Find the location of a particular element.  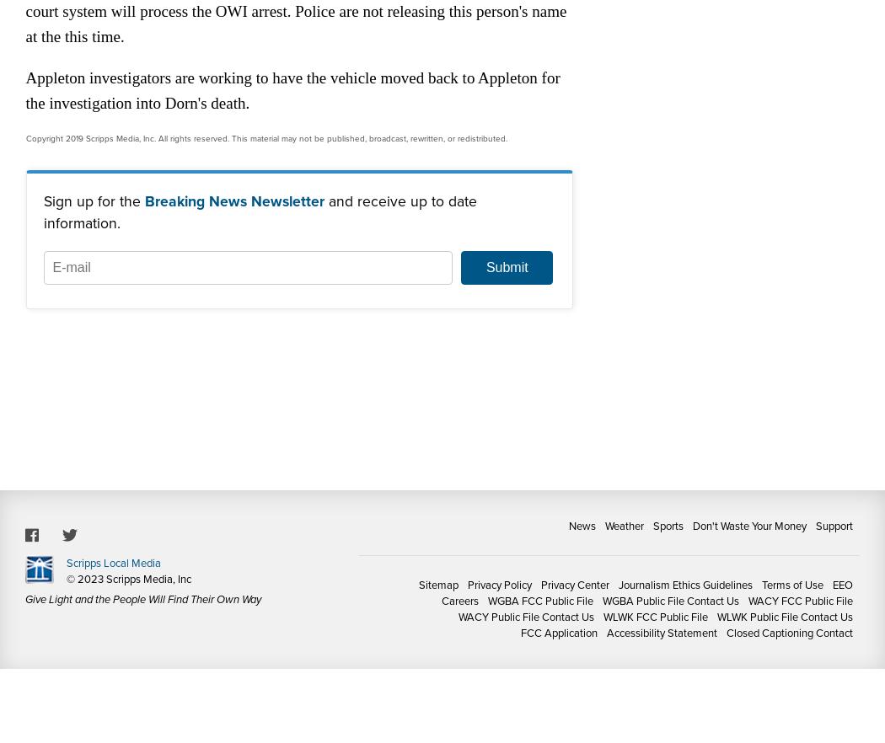

'Weather' is located at coordinates (623, 525).